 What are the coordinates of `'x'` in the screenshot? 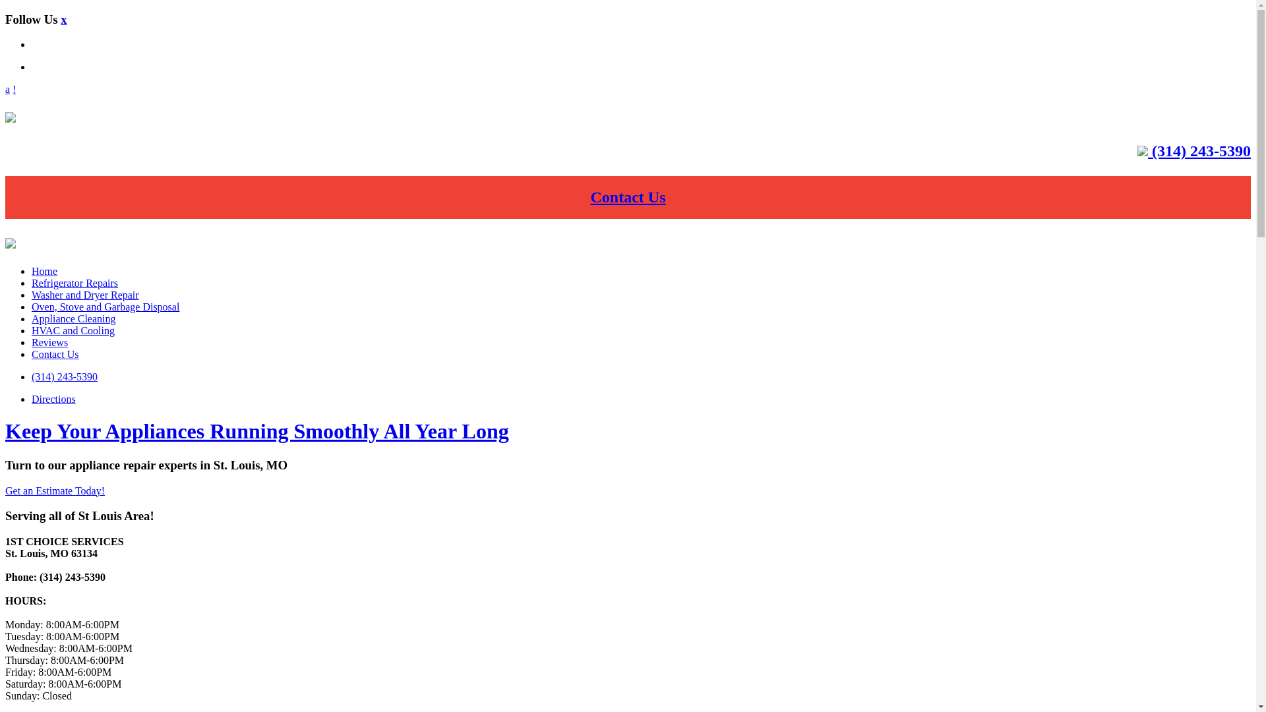 It's located at (63, 19).